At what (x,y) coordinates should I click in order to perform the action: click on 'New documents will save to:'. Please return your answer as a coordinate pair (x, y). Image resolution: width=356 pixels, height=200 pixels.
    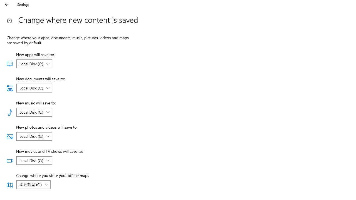
    Looking at the image, I should click on (34, 87).